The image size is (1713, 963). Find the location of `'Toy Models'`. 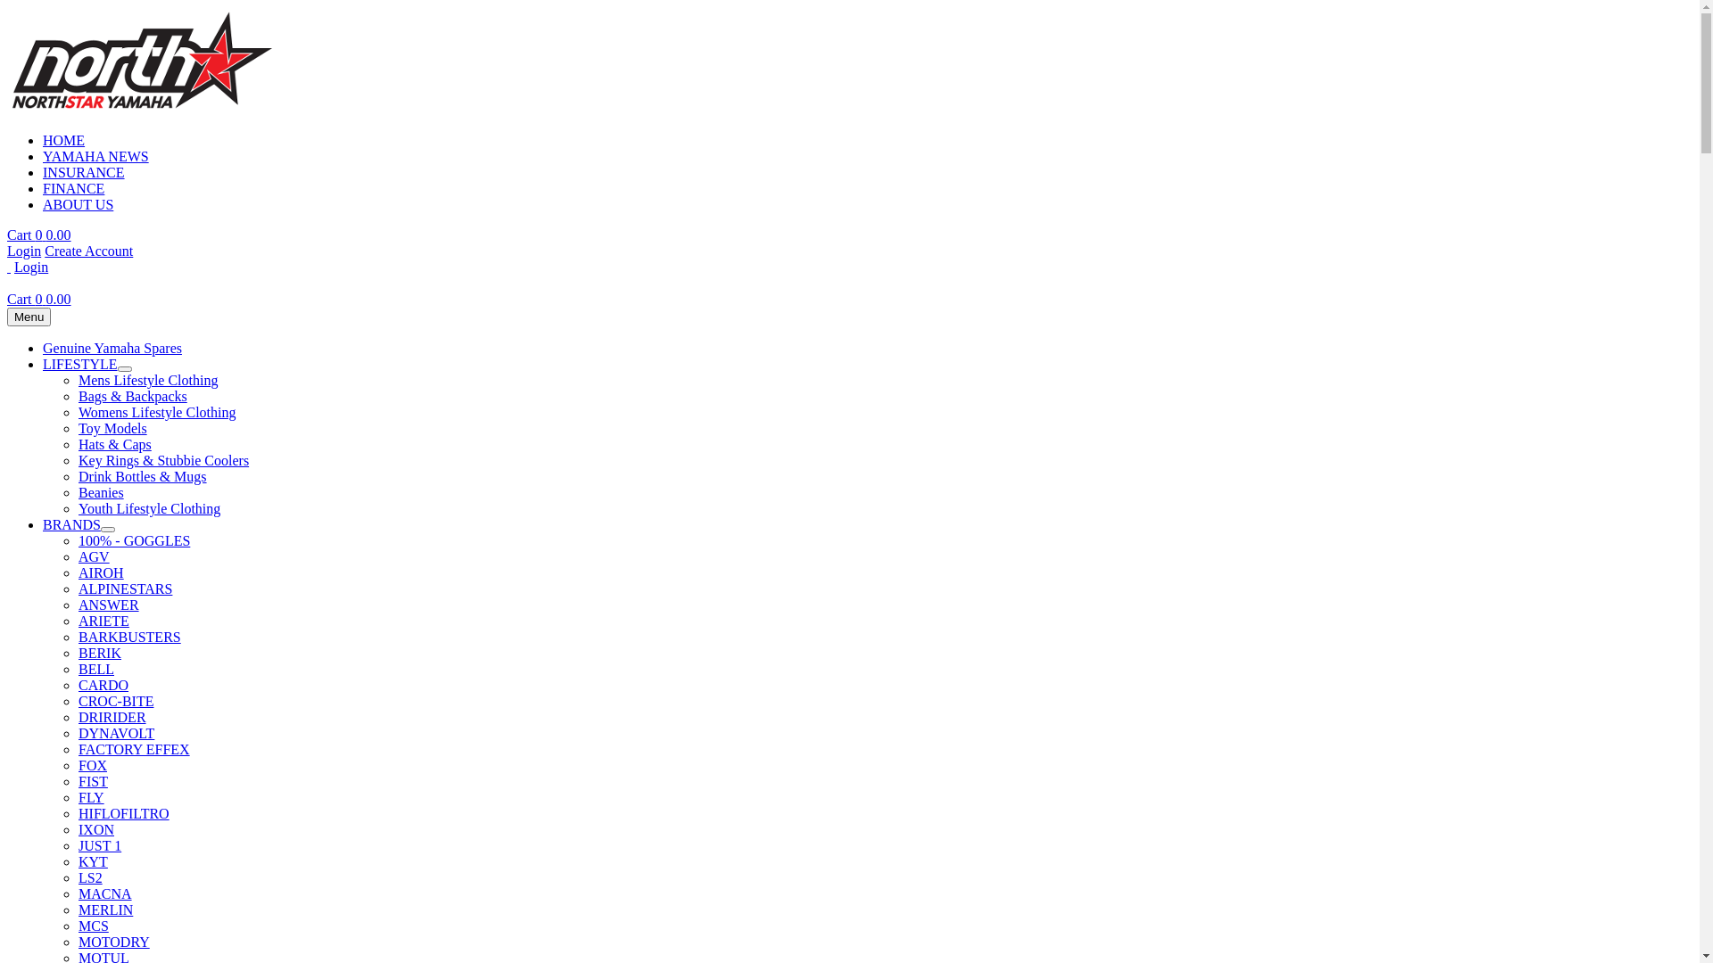

'Toy Models' is located at coordinates (112, 428).